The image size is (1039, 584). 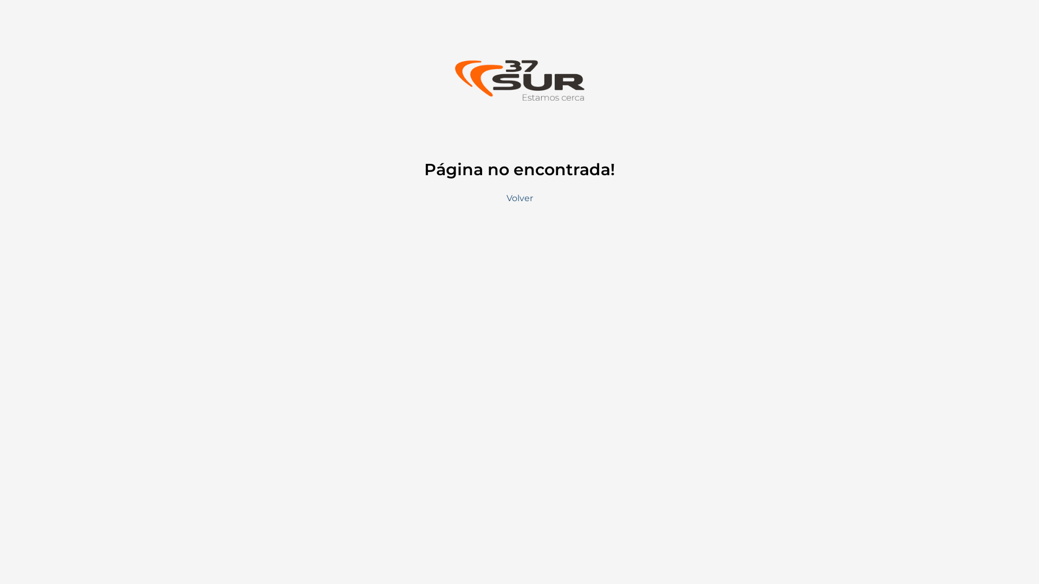 What do you see at coordinates (519, 198) in the screenshot?
I see `'Volver'` at bounding box center [519, 198].